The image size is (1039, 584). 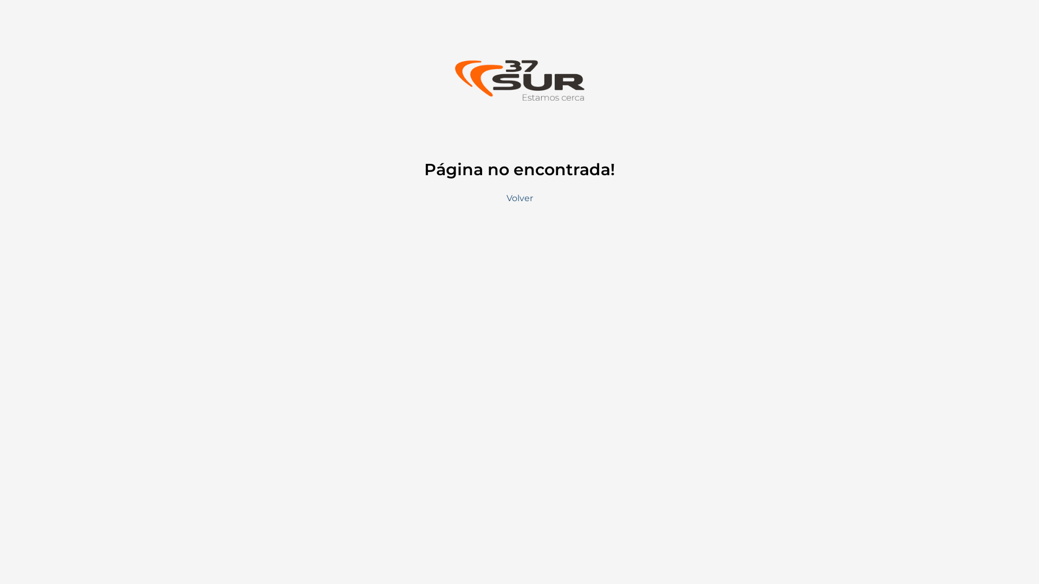 What do you see at coordinates (519, 198) in the screenshot?
I see `'Volver'` at bounding box center [519, 198].